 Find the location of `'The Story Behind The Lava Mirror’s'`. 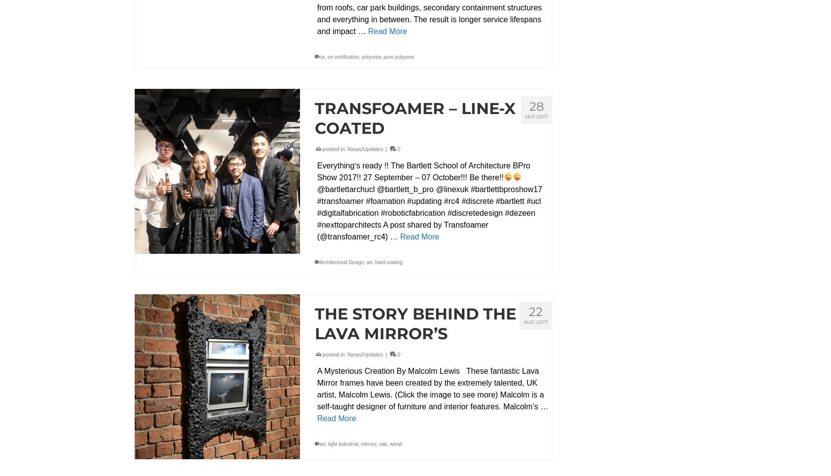

'The Story Behind The Lava Mirror’s' is located at coordinates (314, 322).